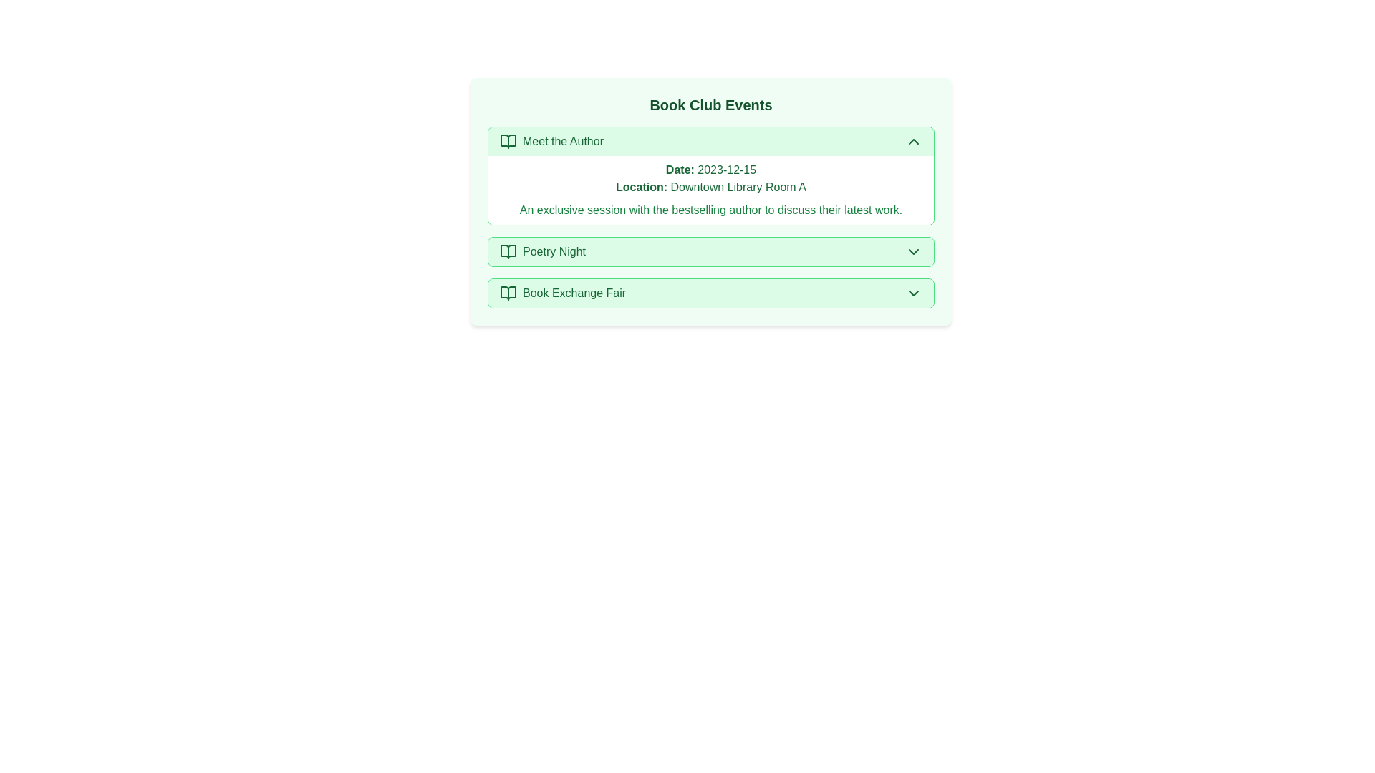  What do you see at coordinates (508, 292) in the screenshot?
I see `the open book icon, which features two rounded shapes for pages and a green vertical spine, located to the left of the text 'Book Exchange Fair'` at bounding box center [508, 292].